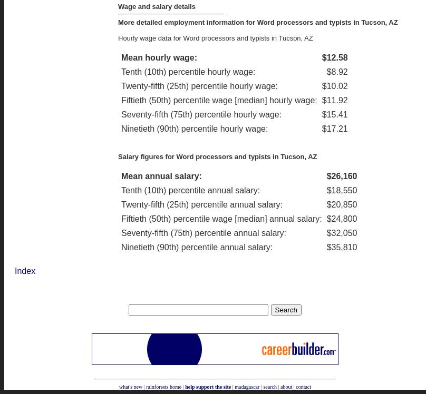 The image size is (426, 394). What do you see at coordinates (334, 57) in the screenshot?
I see `'$12.58'` at bounding box center [334, 57].